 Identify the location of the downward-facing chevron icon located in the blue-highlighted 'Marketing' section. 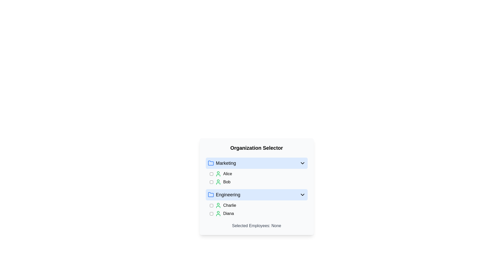
(302, 163).